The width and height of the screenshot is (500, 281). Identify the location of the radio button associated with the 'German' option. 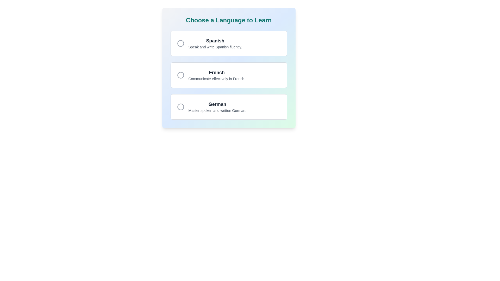
(180, 107).